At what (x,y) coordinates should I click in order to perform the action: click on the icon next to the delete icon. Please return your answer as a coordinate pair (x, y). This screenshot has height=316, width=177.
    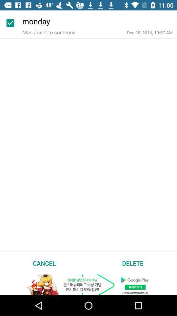
    Looking at the image, I should click on (44, 263).